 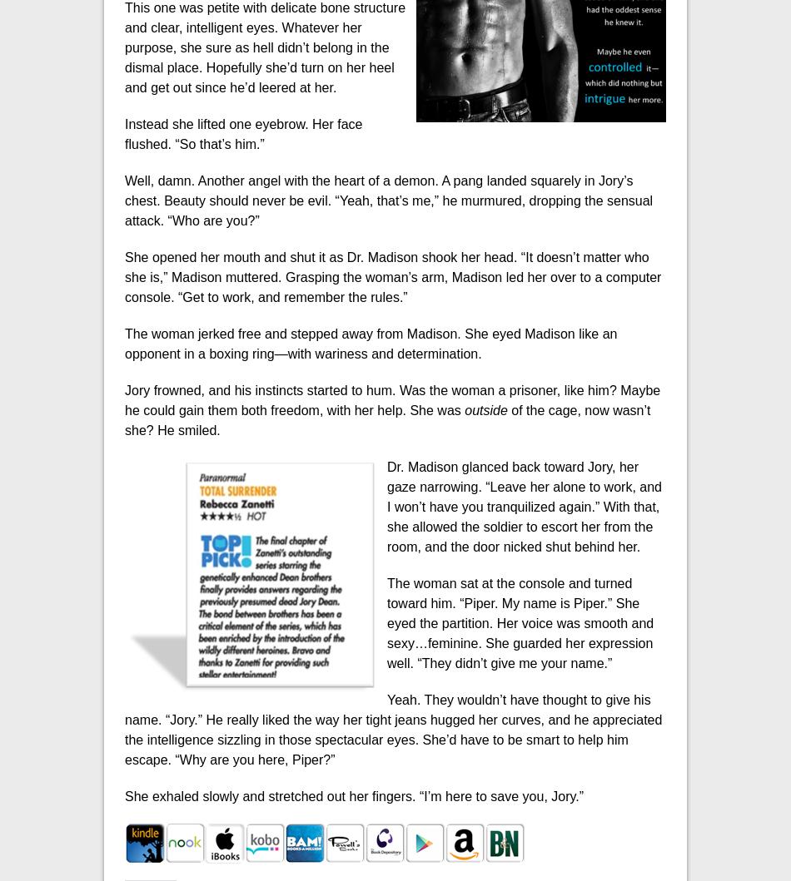 I want to click on 'outside', so click(x=487, y=409).